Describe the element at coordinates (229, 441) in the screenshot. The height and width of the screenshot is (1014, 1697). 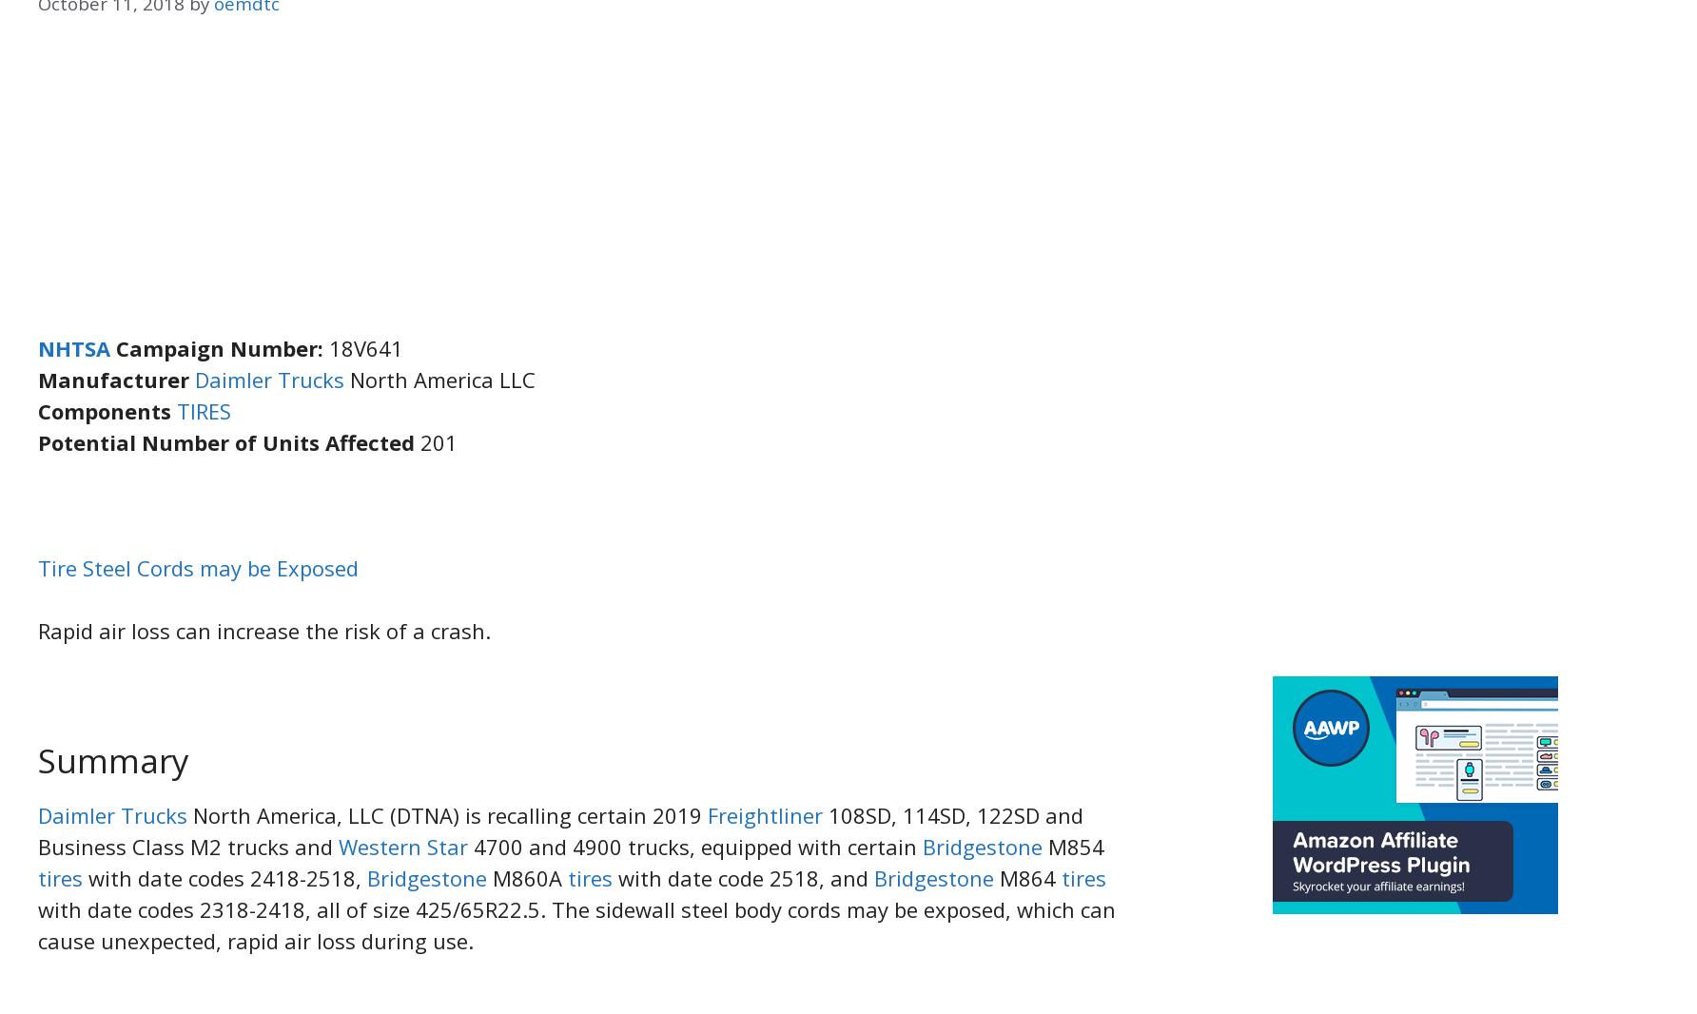
I see `'Potential Number of Units Affected'` at that location.